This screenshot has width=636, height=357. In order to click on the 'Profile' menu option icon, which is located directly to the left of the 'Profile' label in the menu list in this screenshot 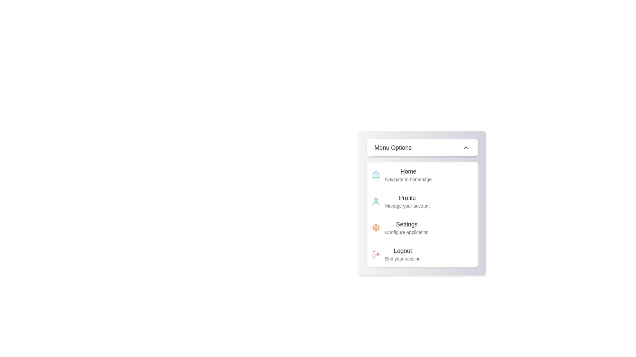, I will do `click(376, 201)`.